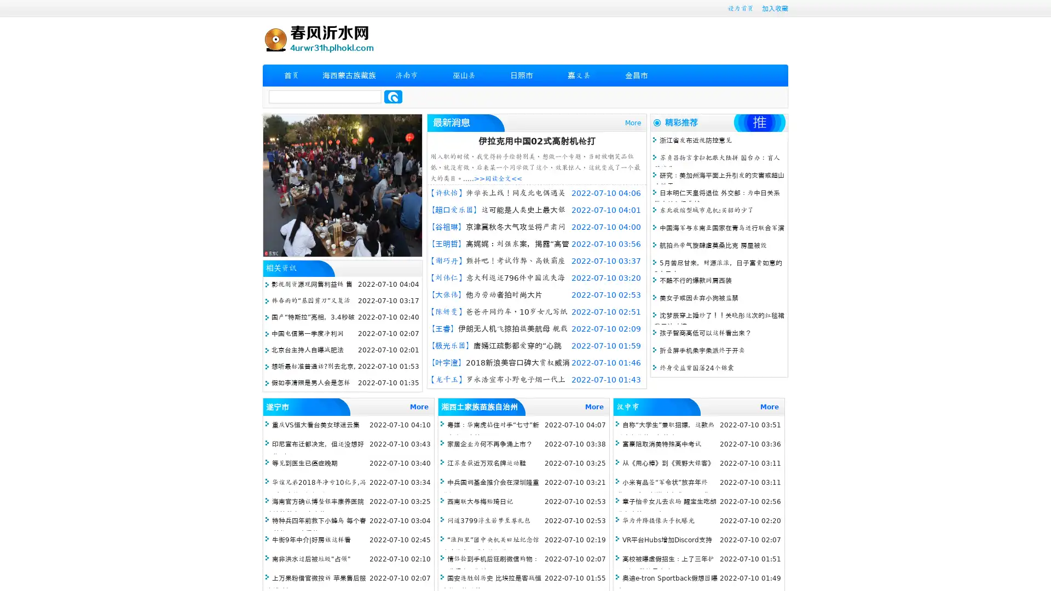 This screenshot has height=591, width=1051. Describe the element at coordinates (393, 96) in the screenshot. I see `Search` at that location.